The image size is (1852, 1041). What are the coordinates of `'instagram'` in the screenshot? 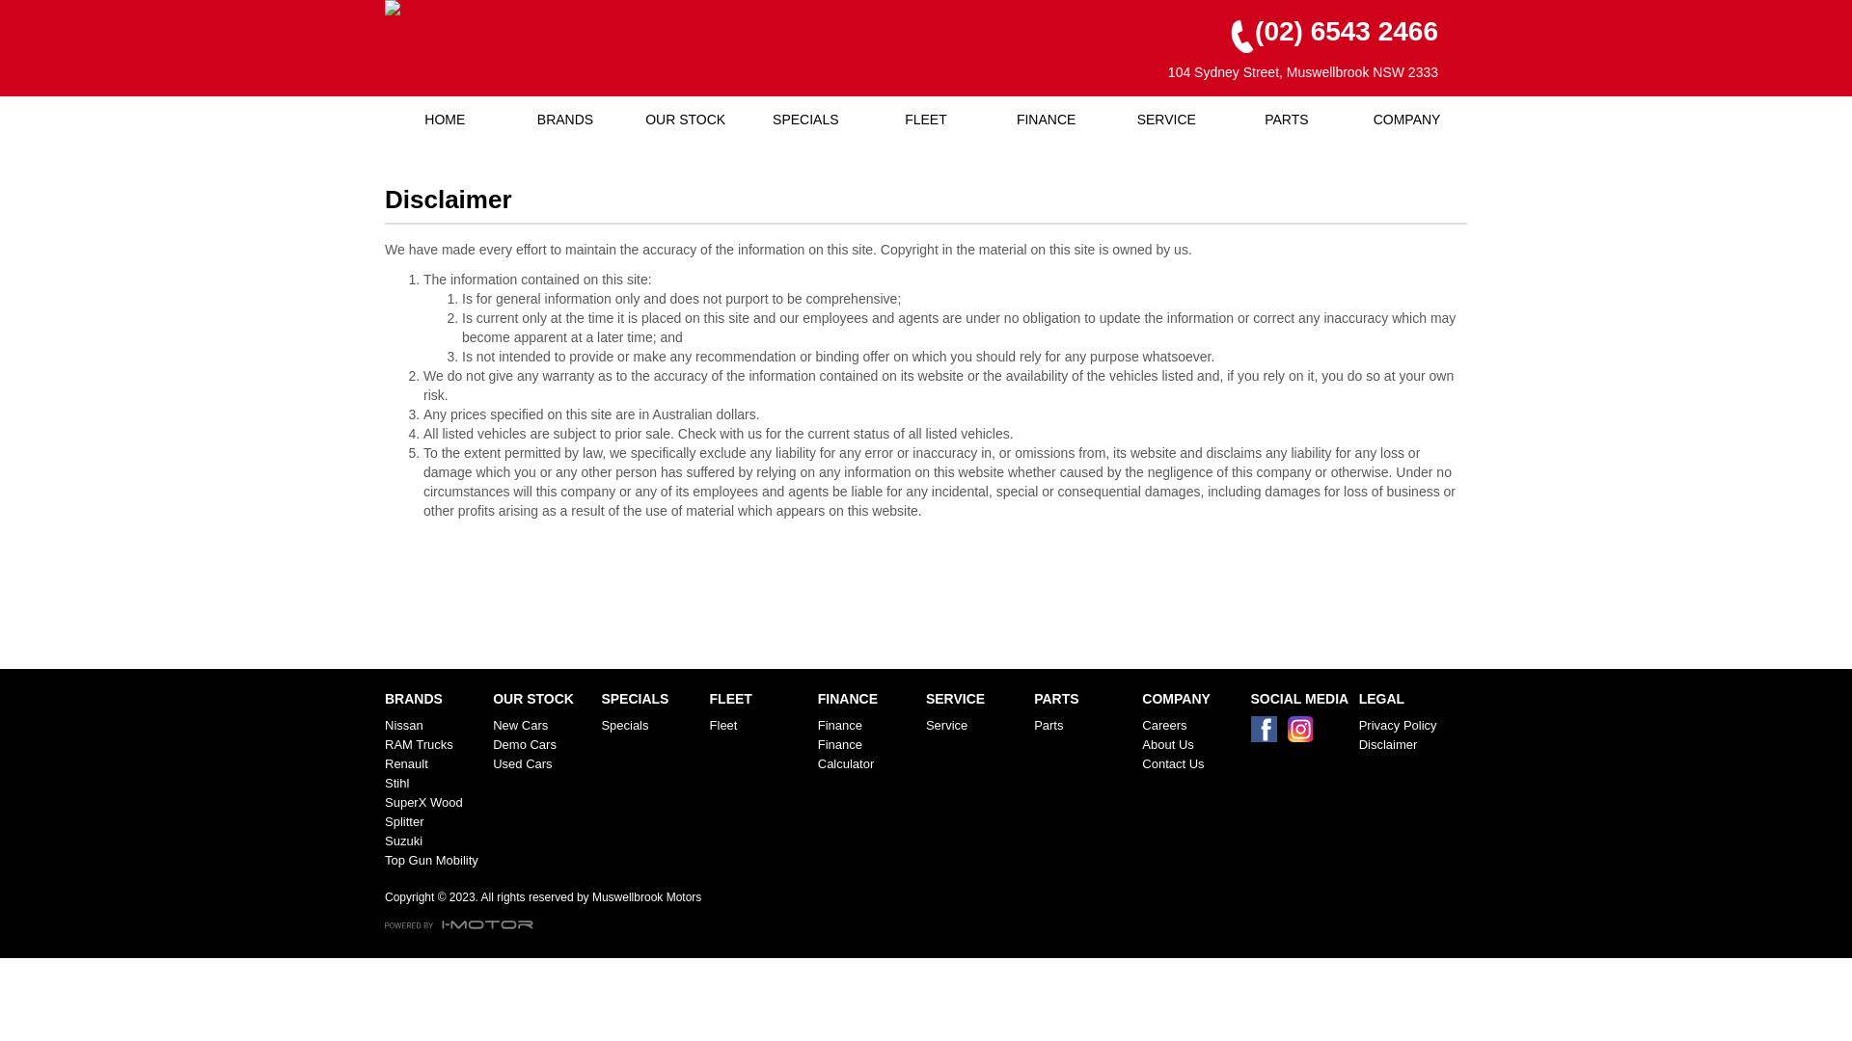 It's located at (1304, 734).